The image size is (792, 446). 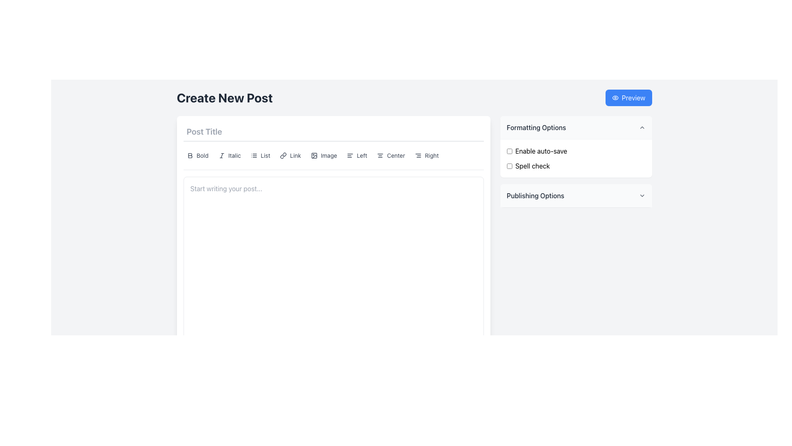 What do you see at coordinates (575, 158) in the screenshot?
I see `the checkbox labeled 'Spell check' within the Group of checkbox options located in the right panel under 'Formatting Options'` at bounding box center [575, 158].